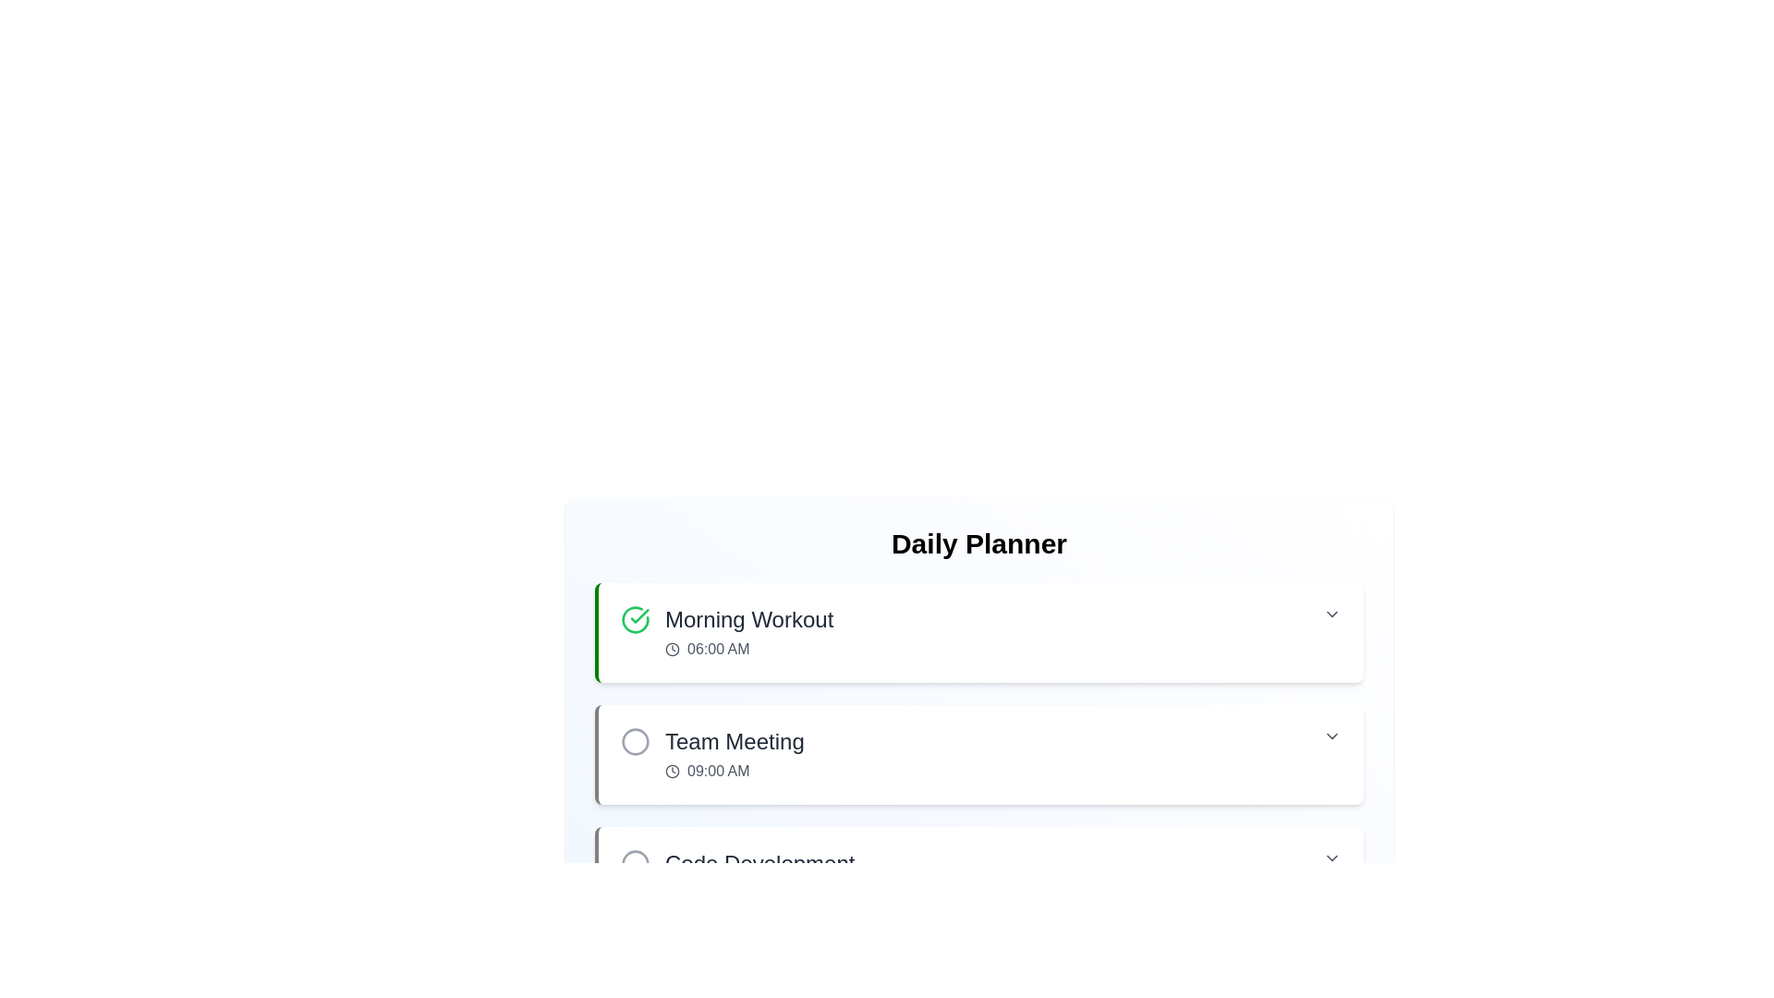  What do you see at coordinates (643, 740) in the screenshot?
I see `the gray circular Status Indicator Icon located to the left of the 'Team Meeting' text within the card labeled 'Team Meeting 09:00 AM'` at bounding box center [643, 740].